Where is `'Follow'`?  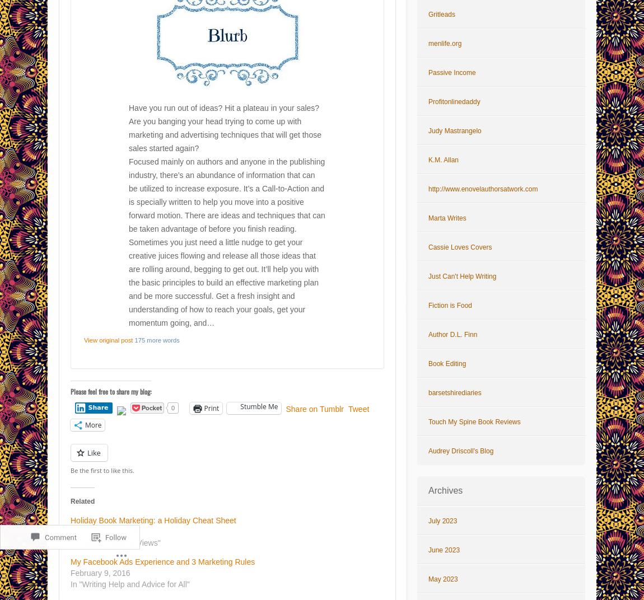 'Follow' is located at coordinates (115, 507).